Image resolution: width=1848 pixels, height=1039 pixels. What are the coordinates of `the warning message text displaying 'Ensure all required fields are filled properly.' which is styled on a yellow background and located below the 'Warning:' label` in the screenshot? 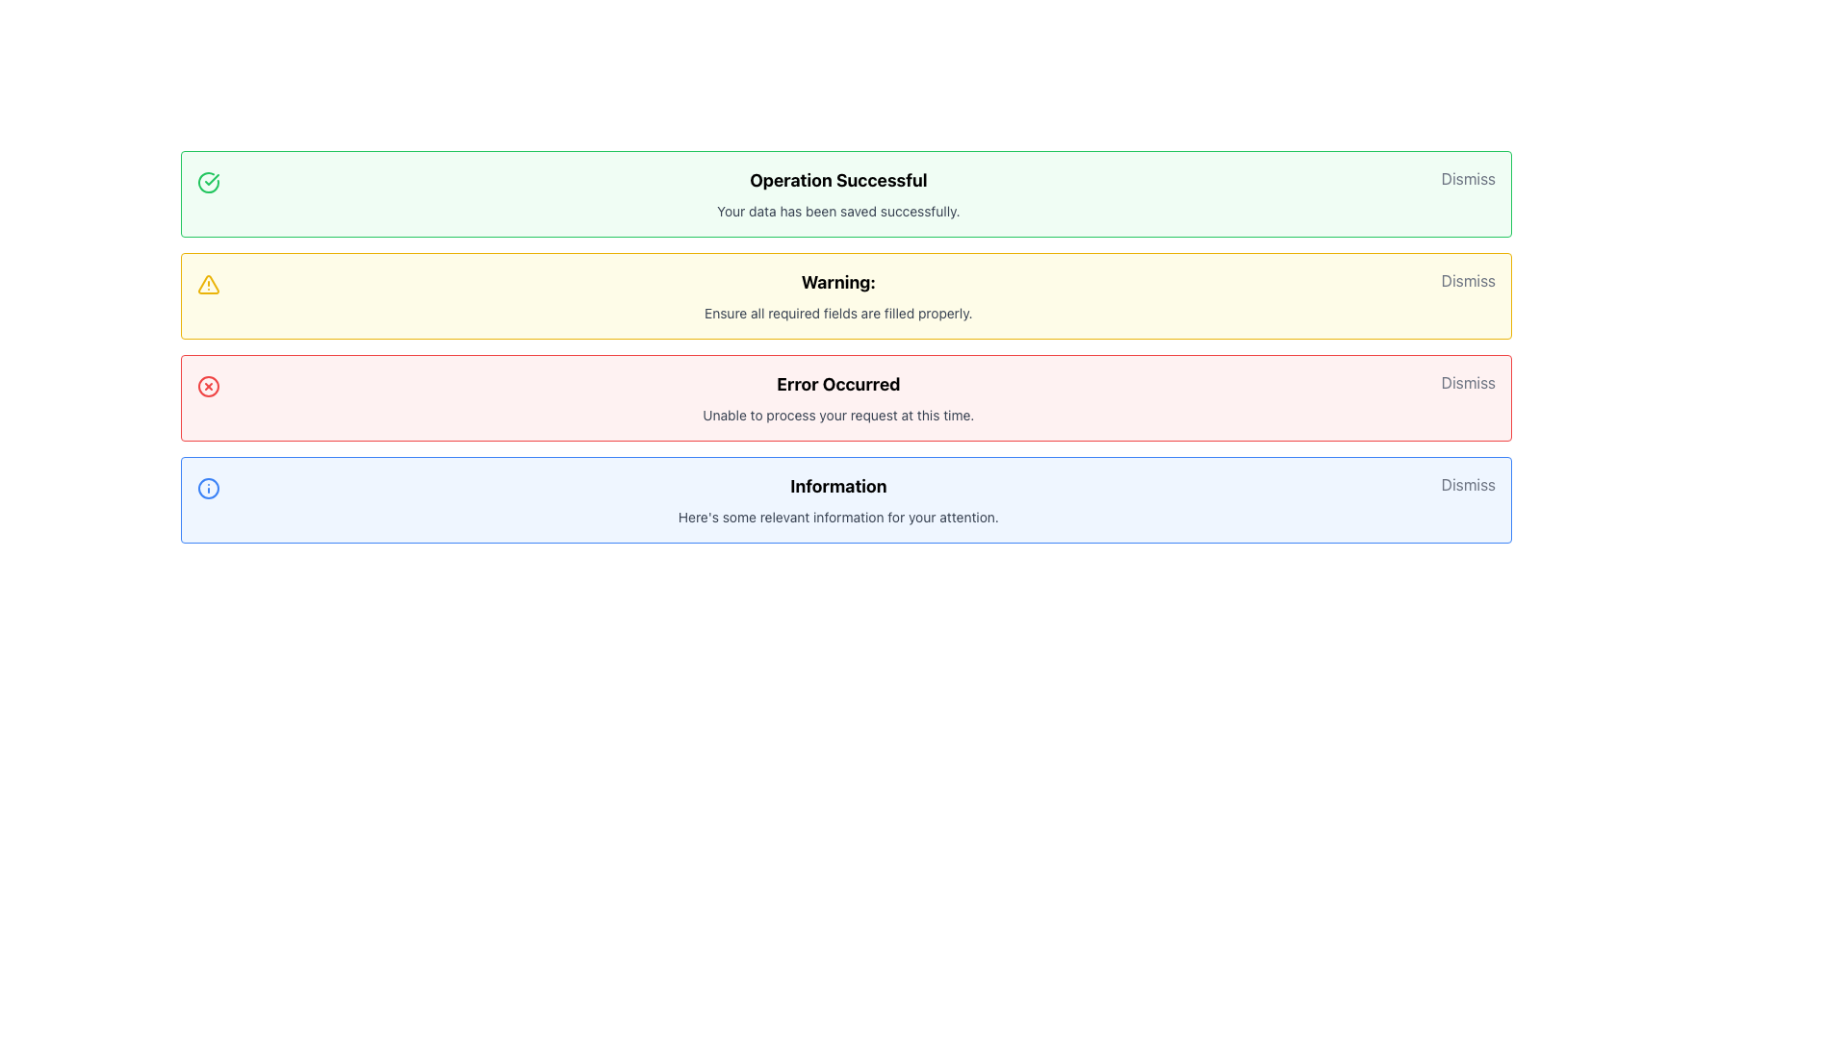 It's located at (838, 313).